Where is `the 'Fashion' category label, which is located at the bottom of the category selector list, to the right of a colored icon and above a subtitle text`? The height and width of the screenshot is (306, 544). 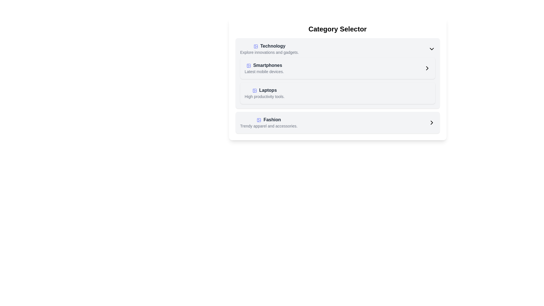
the 'Fashion' category label, which is located at the bottom of the category selector list, to the right of a colored icon and above a subtitle text is located at coordinates (272, 119).